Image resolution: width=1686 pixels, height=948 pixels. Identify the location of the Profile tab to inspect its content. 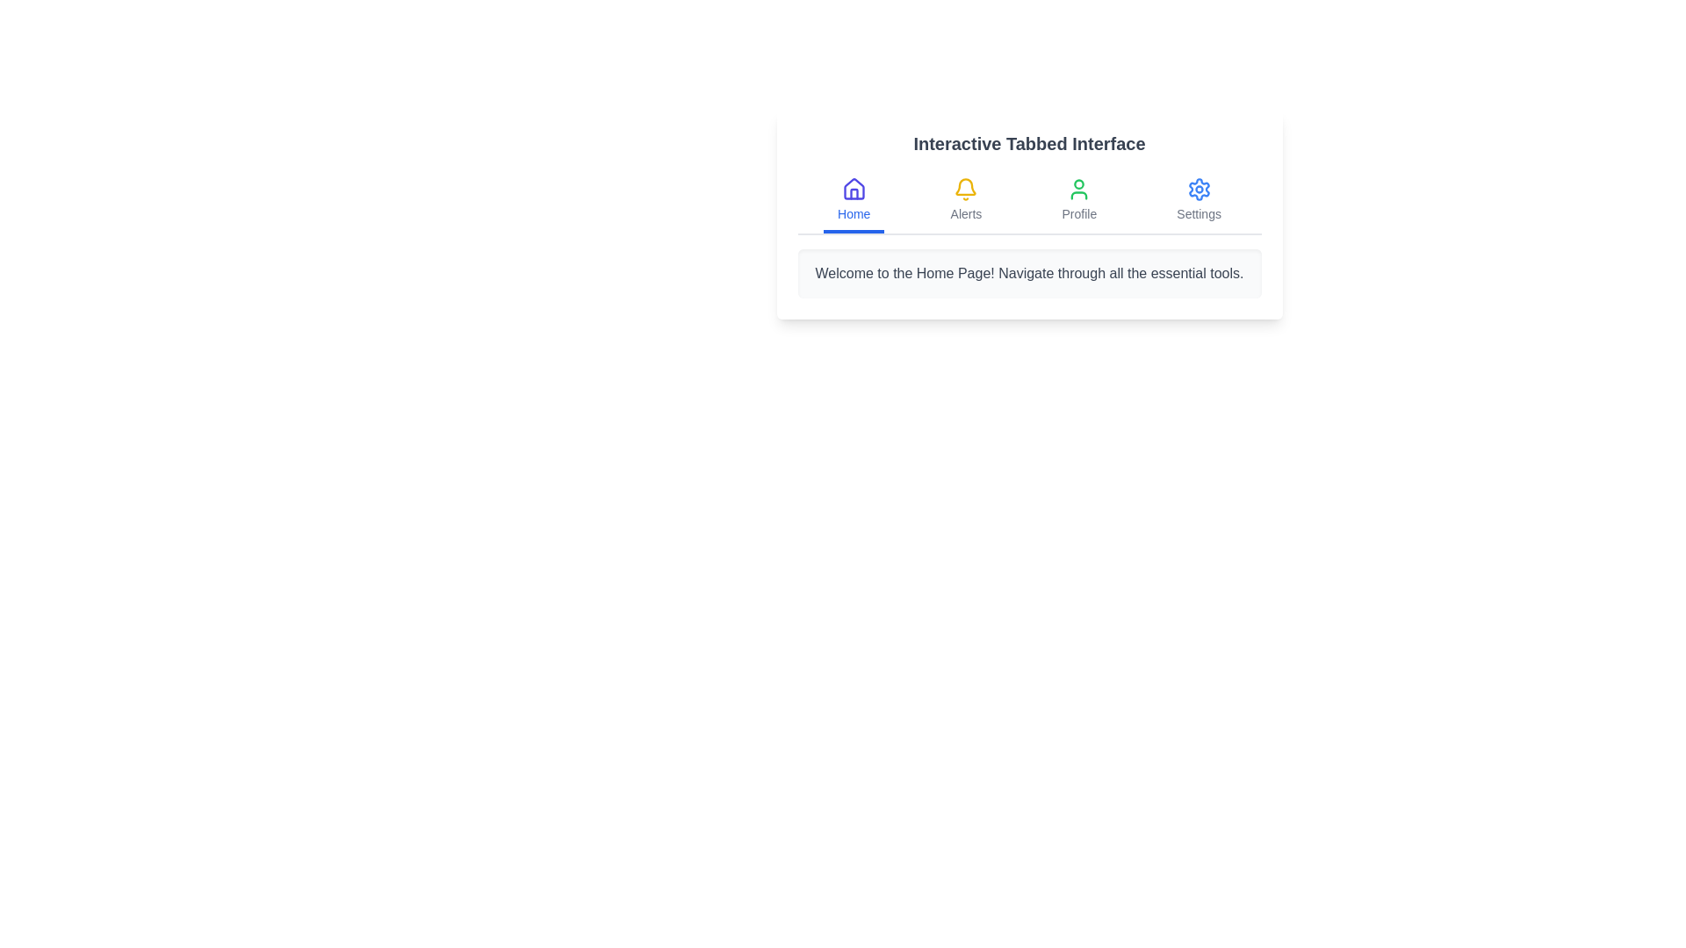
(1077, 201).